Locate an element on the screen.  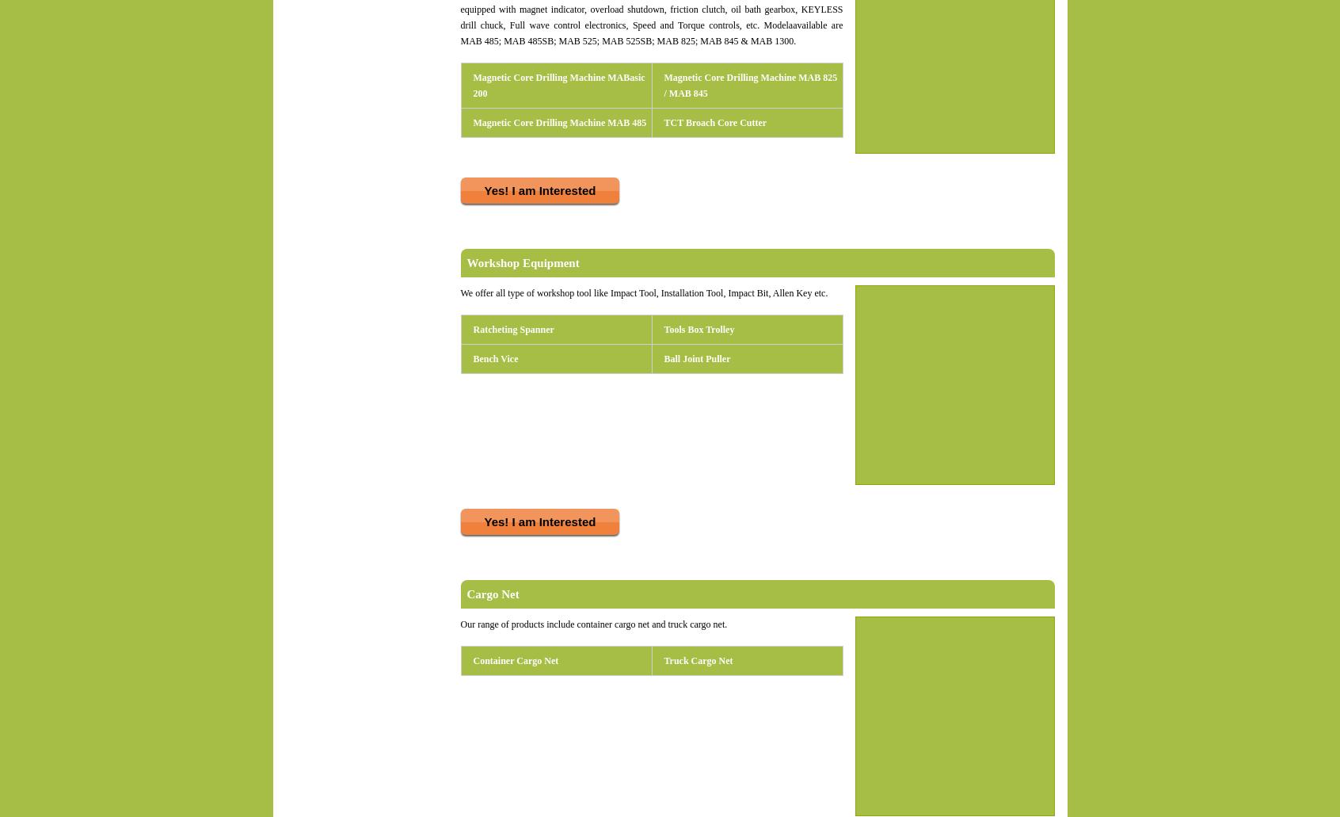
'We offer all type of workshop tool like Impact Tool, Installation Tool, Impact Bit, Allen Key etc.' is located at coordinates (645, 292).